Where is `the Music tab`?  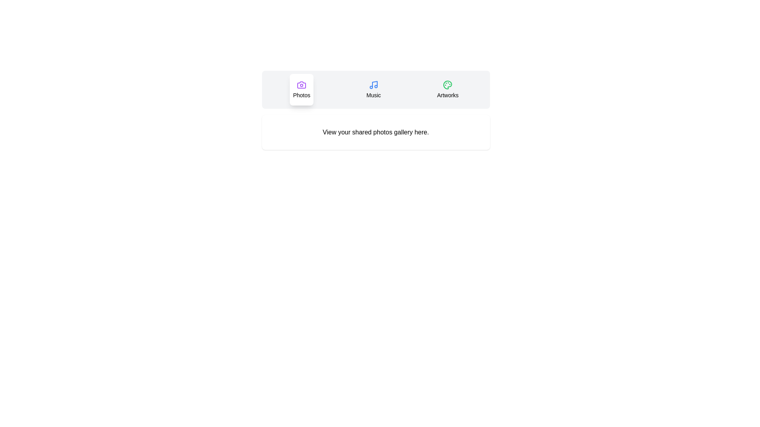
the Music tab is located at coordinates (373, 89).